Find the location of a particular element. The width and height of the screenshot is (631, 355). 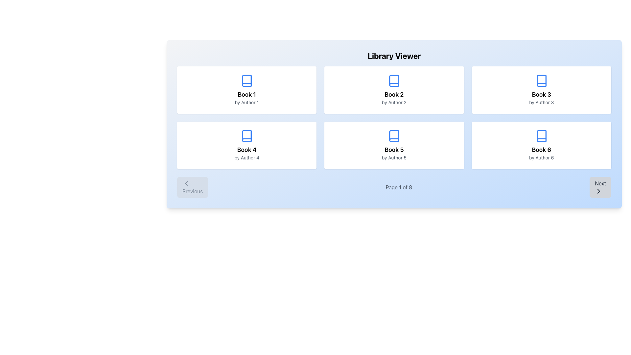

the Book card located in the first column of the first row of the library viewer is located at coordinates (246, 90).